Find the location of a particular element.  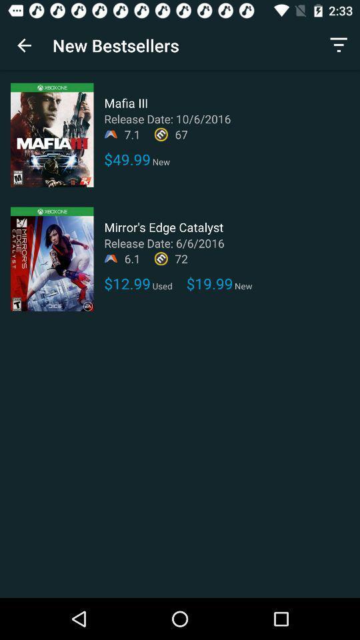

app next to new bestsellers app is located at coordinates (339, 45).